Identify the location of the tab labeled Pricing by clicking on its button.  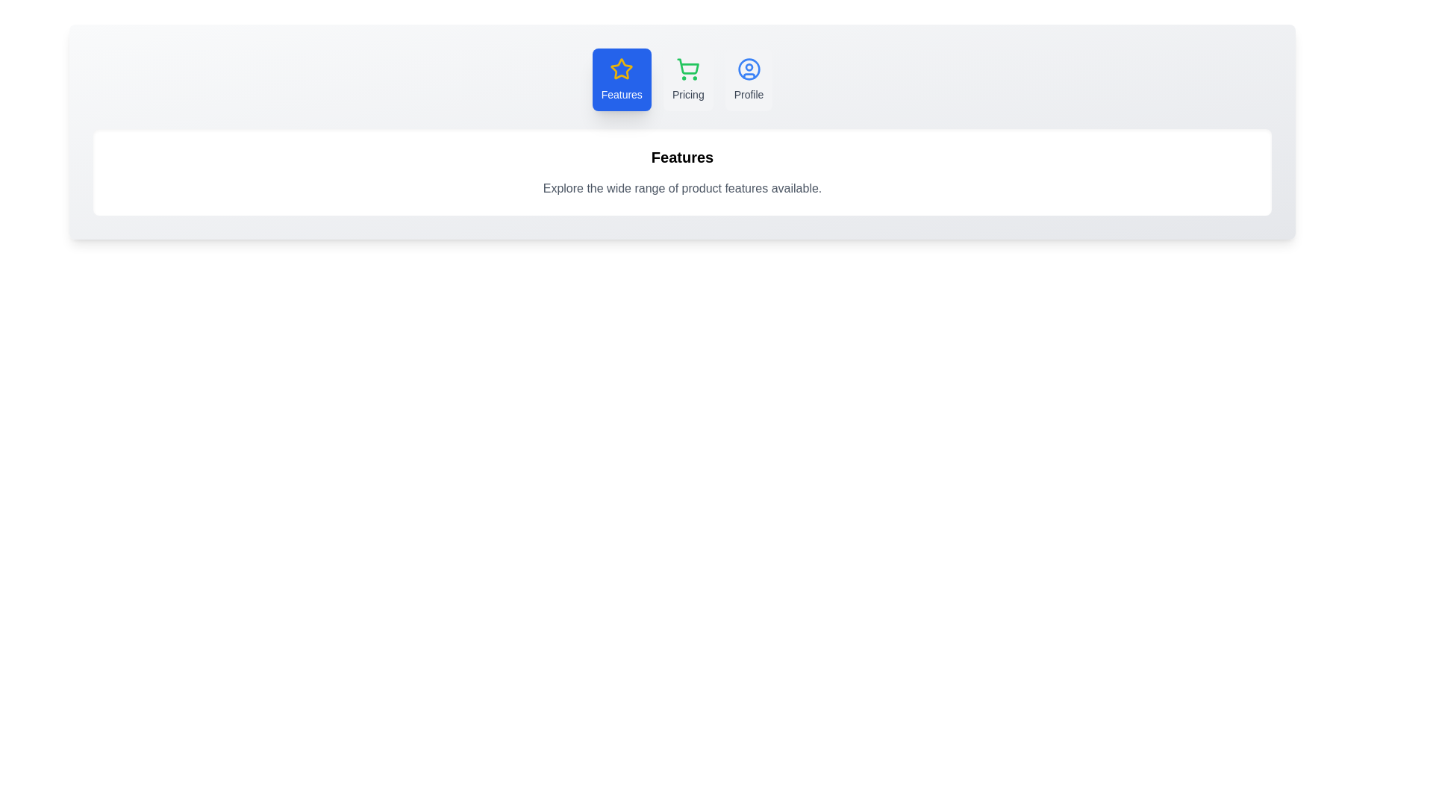
(687, 80).